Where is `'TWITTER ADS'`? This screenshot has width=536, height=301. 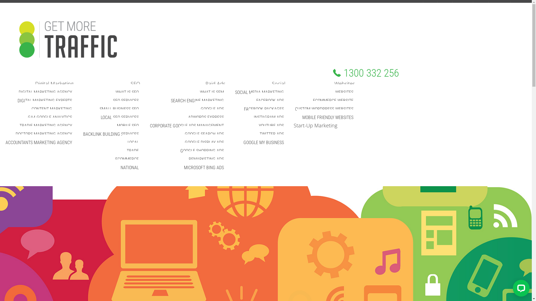 'TWITTER ADS' is located at coordinates (272, 134).